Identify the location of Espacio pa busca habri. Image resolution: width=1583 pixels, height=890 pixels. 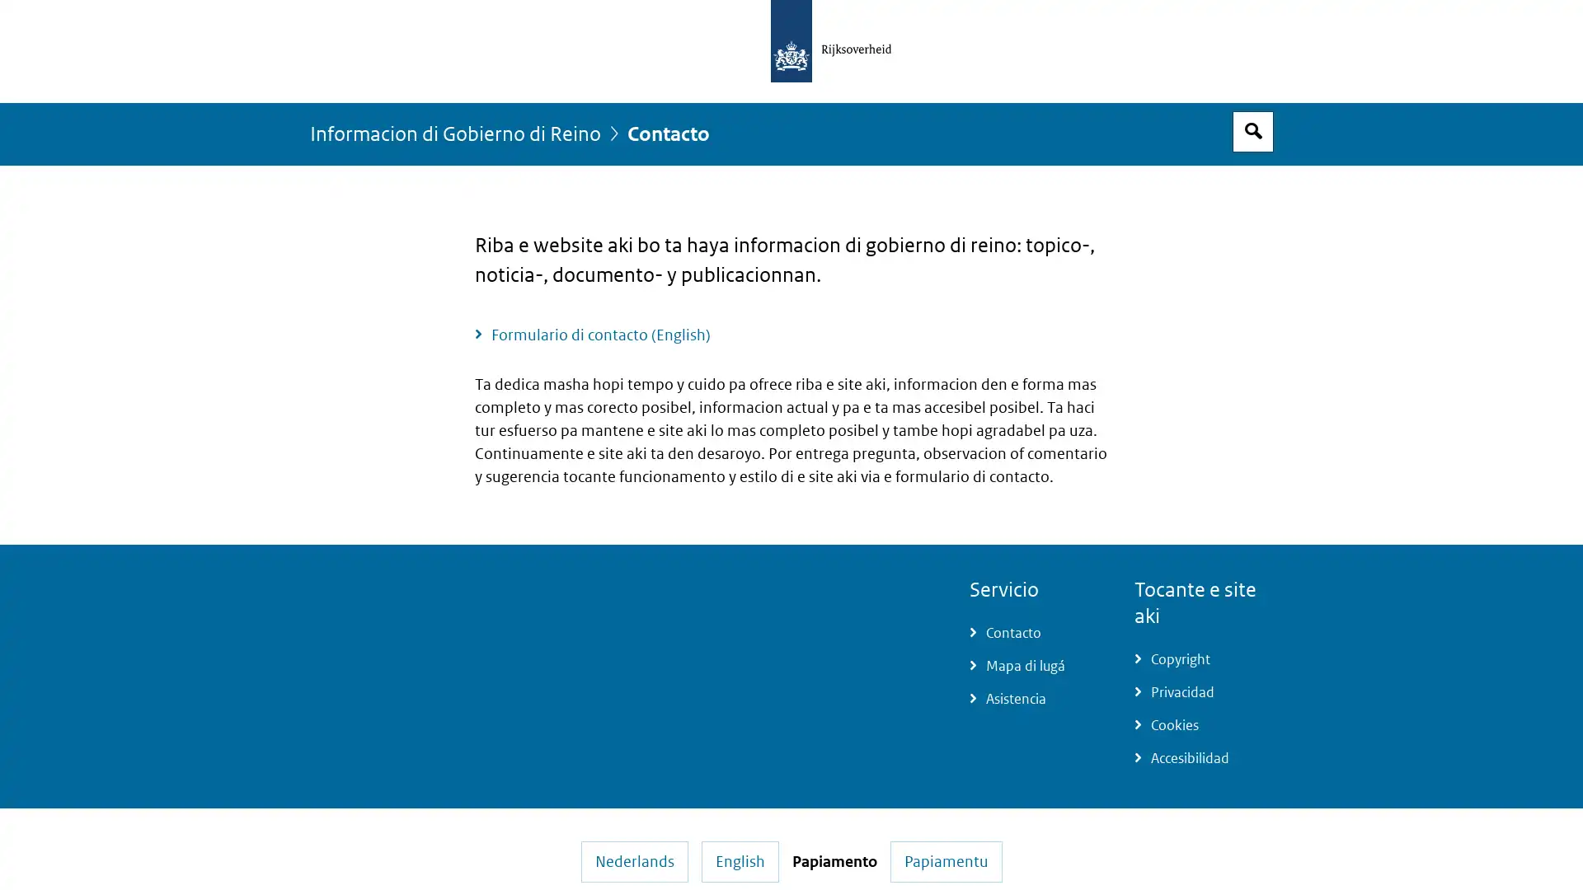
(1253, 130).